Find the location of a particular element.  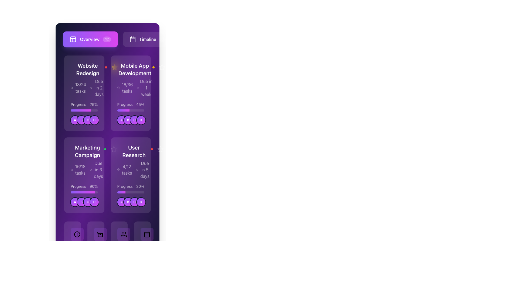

the static text display that reads '4/12 tasks' within the 'User Research' task card, which is centered vertically in the upper region of the card and has a purple background with white text is located at coordinates (127, 169).